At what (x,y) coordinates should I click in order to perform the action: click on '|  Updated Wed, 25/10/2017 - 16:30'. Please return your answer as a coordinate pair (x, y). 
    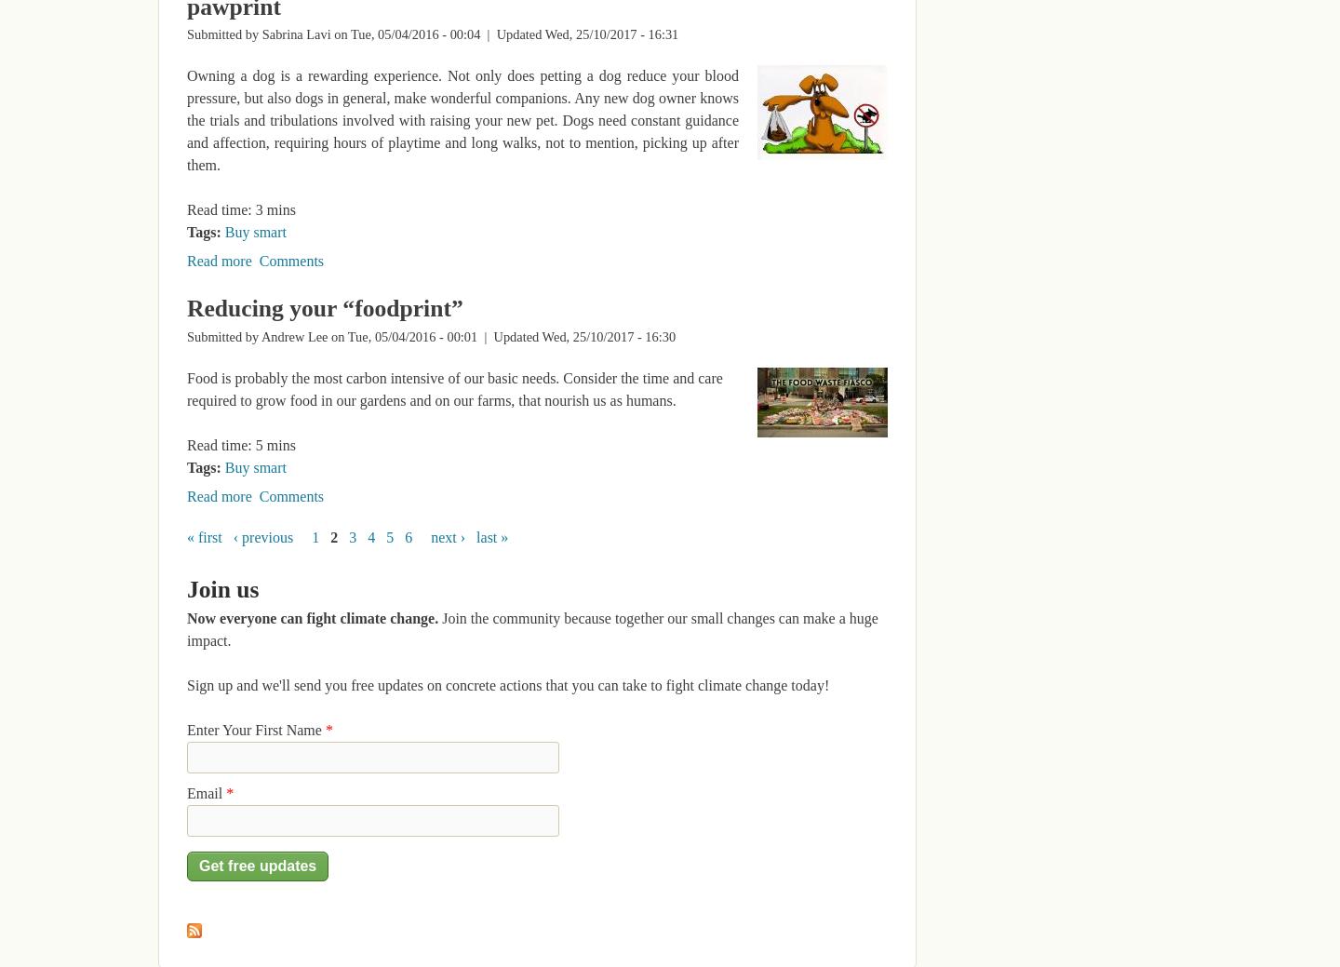
    Looking at the image, I should click on (575, 334).